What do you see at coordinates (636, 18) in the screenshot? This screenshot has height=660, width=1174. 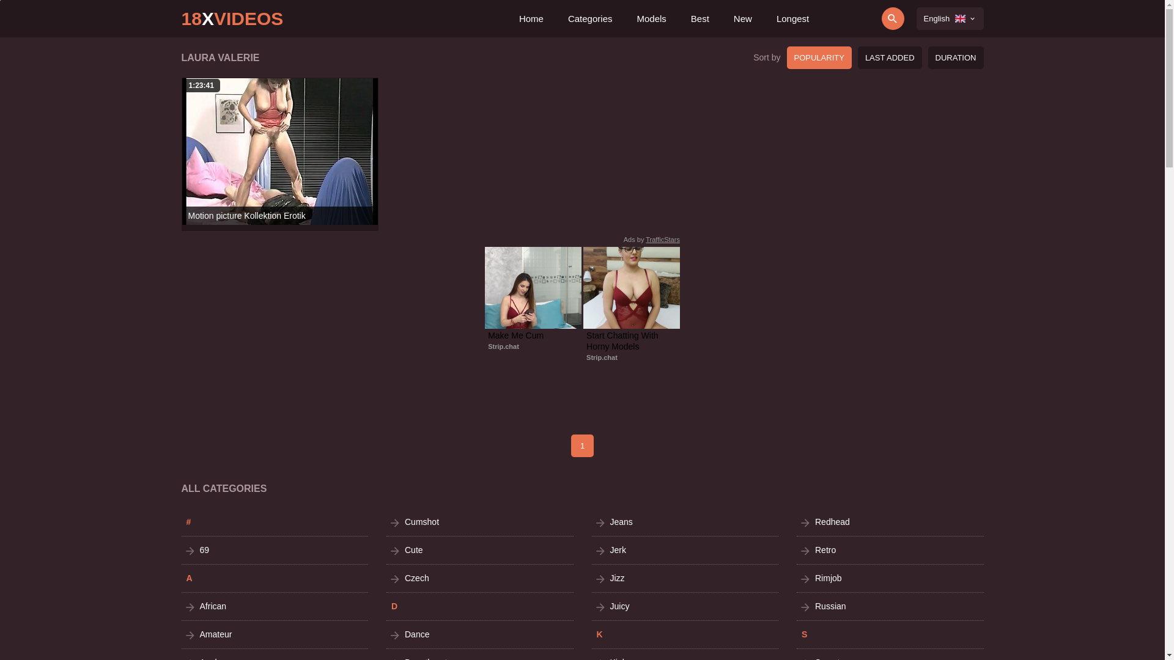 I see `'Models'` at bounding box center [636, 18].